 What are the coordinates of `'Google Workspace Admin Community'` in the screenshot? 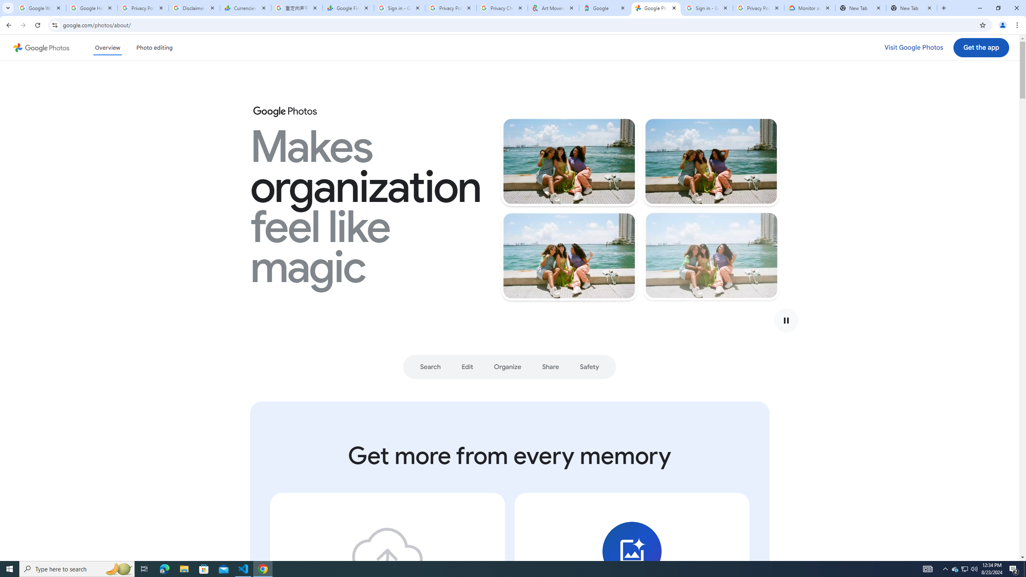 It's located at (40, 8).